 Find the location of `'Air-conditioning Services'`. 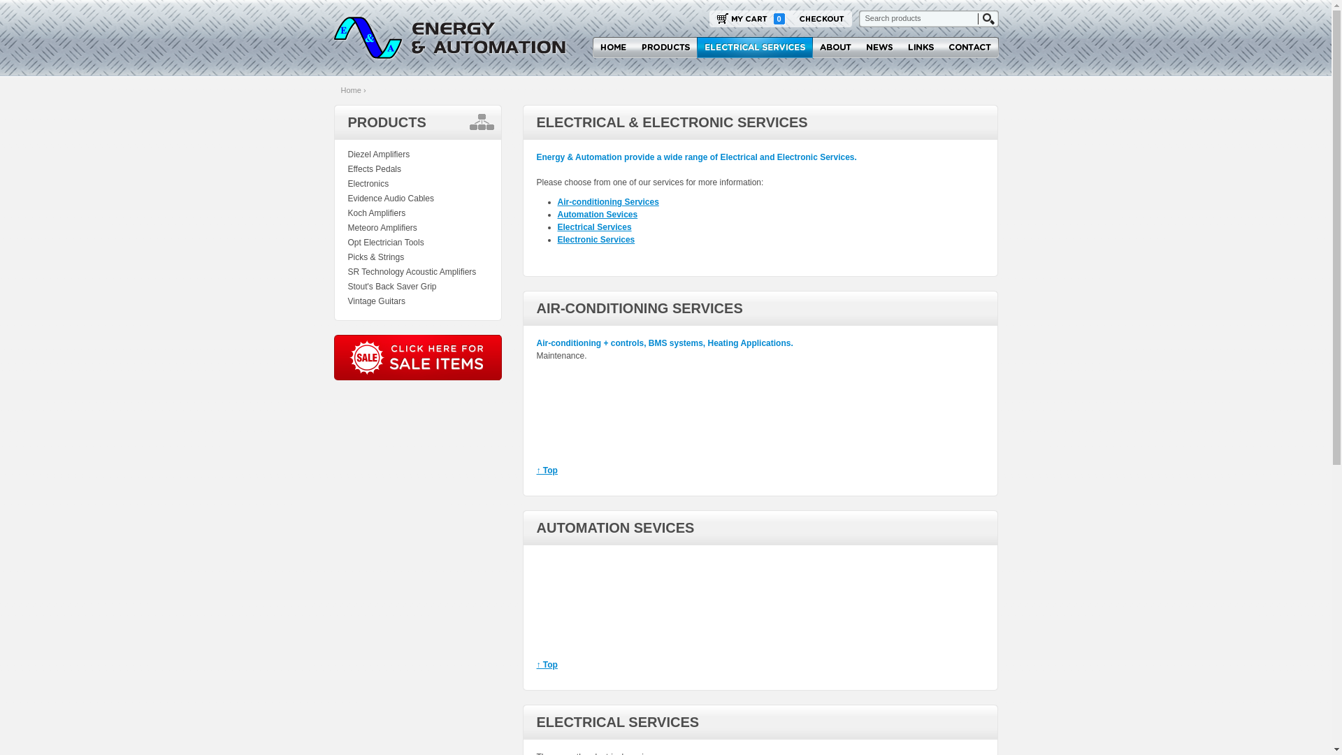

'Air-conditioning Services' is located at coordinates (556, 202).